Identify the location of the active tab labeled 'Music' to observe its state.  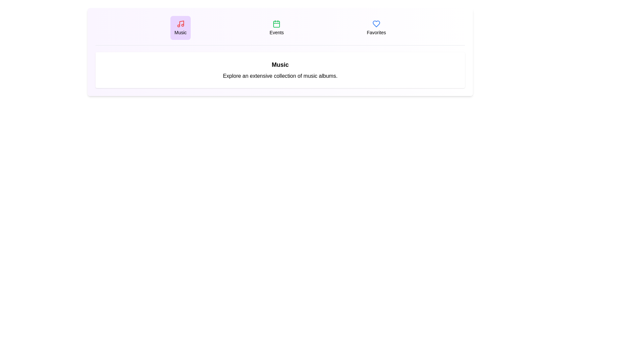
(180, 28).